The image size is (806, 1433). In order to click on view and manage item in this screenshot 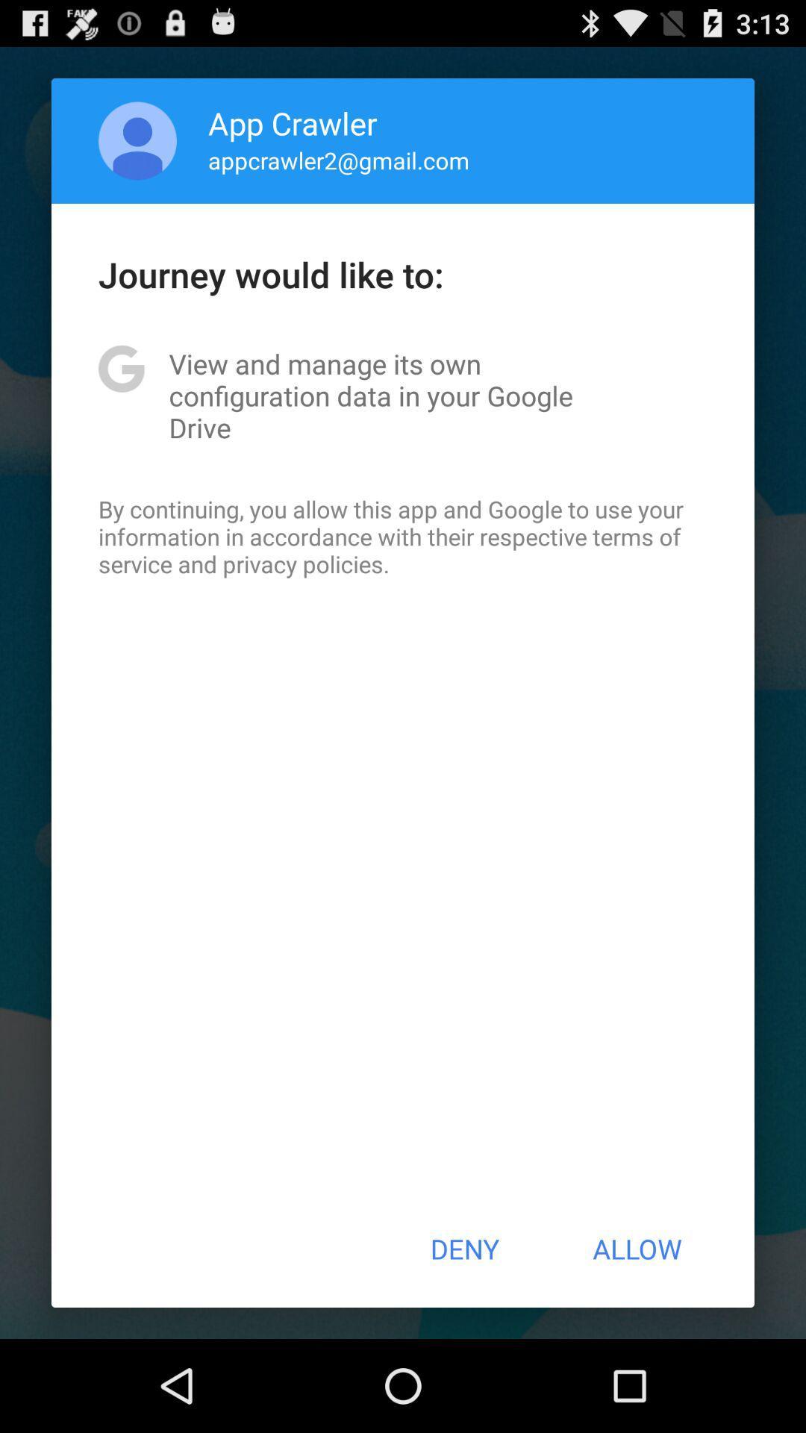, I will do `click(403, 396)`.